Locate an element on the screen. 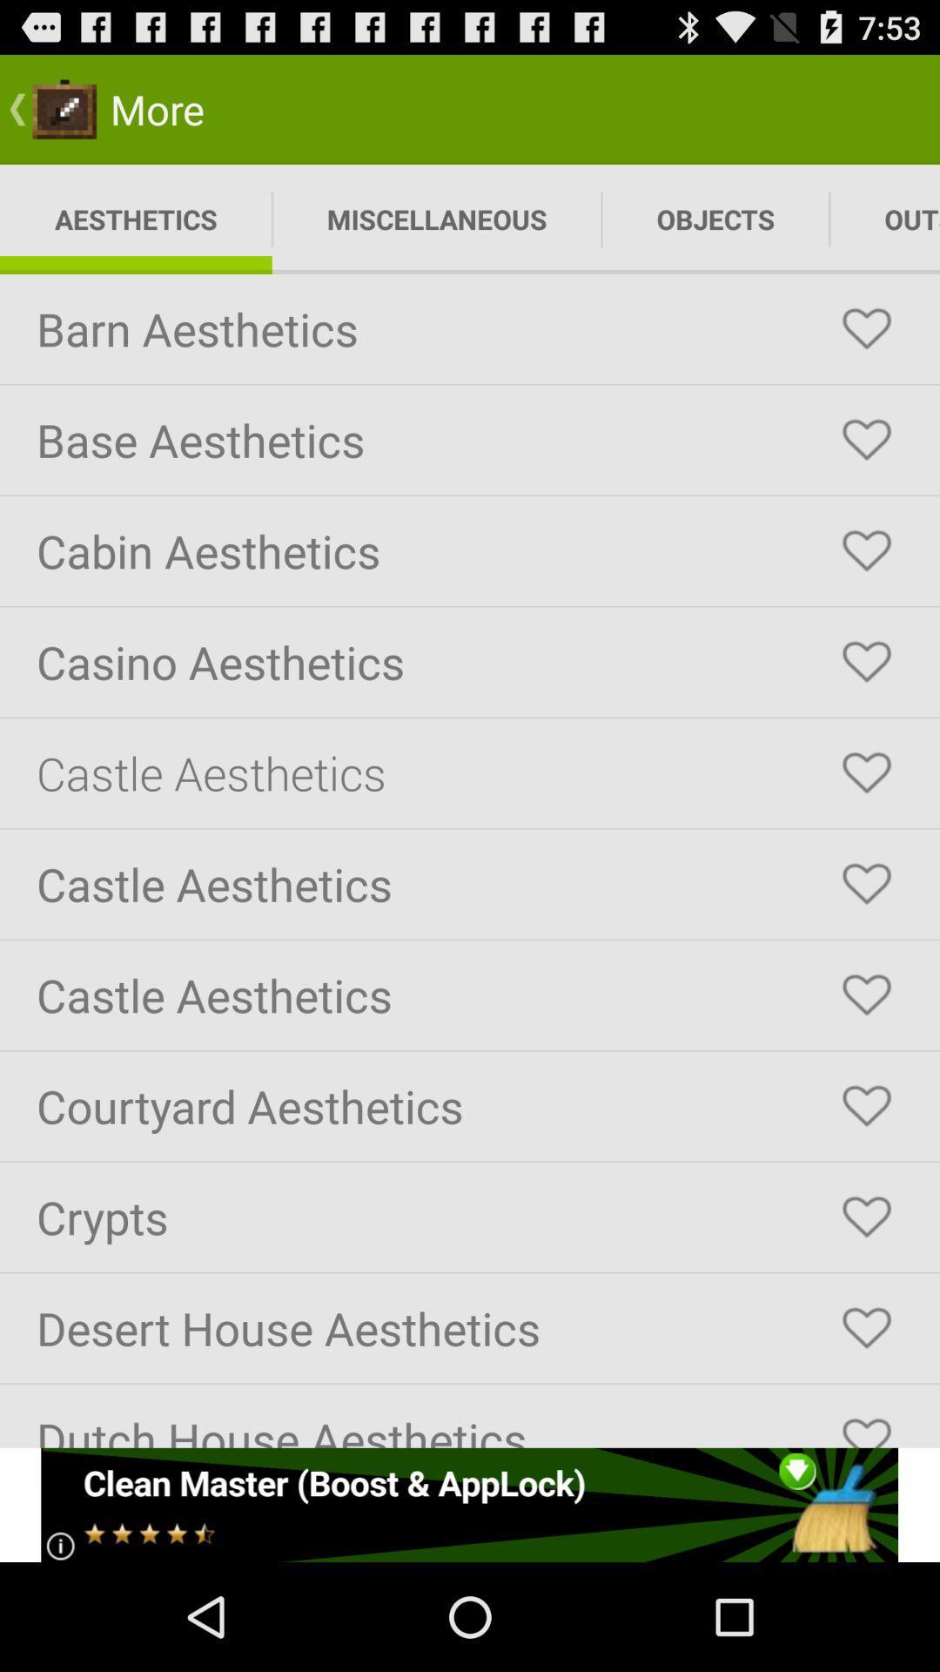 The height and width of the screenshot is (1672, 940). click the love symbol is located at coordinates (866, 772).